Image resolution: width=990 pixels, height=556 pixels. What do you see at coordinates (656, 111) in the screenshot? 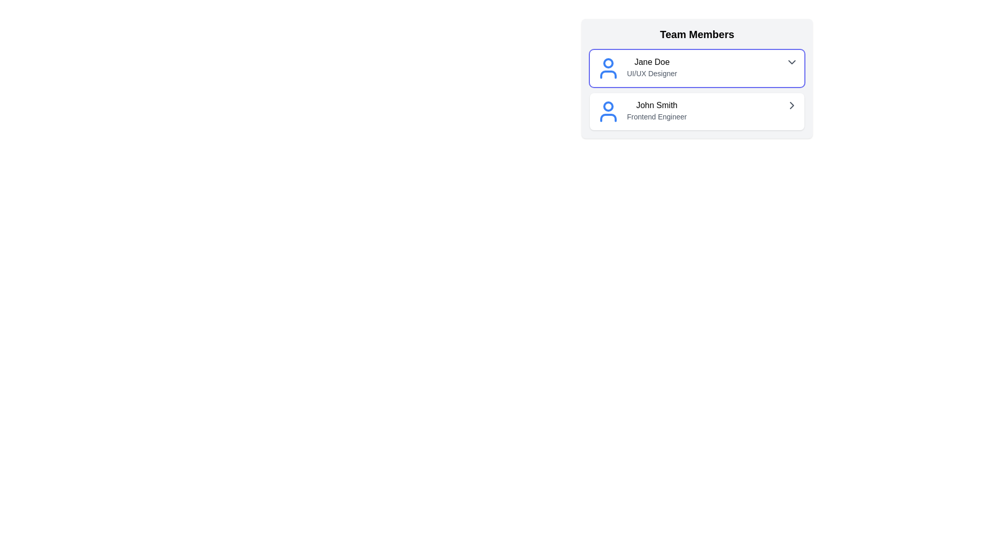
I see `the Text Block displaying 'John Smith' and 'Frontend Engineer', which is the second entry in the 'Team Members' list` at bounding box center [656, 111].